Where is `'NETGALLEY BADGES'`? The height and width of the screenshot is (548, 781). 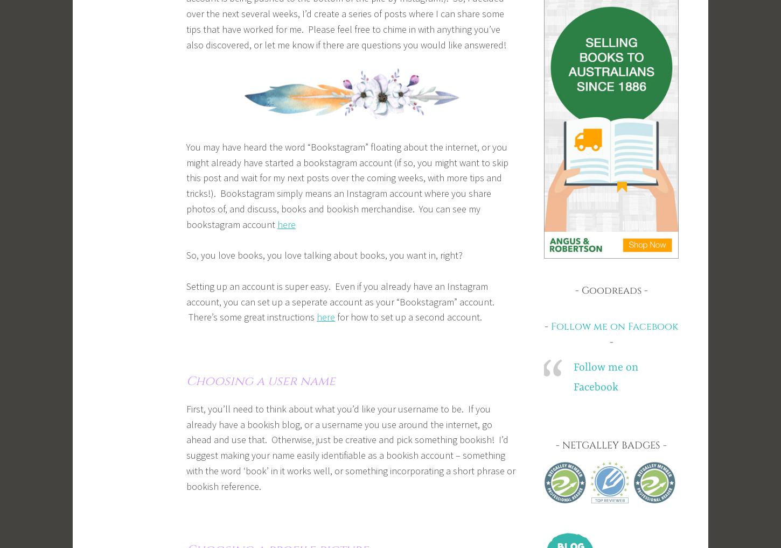 'NETGALLEY BADGES' is located at coordinates (562, 445).